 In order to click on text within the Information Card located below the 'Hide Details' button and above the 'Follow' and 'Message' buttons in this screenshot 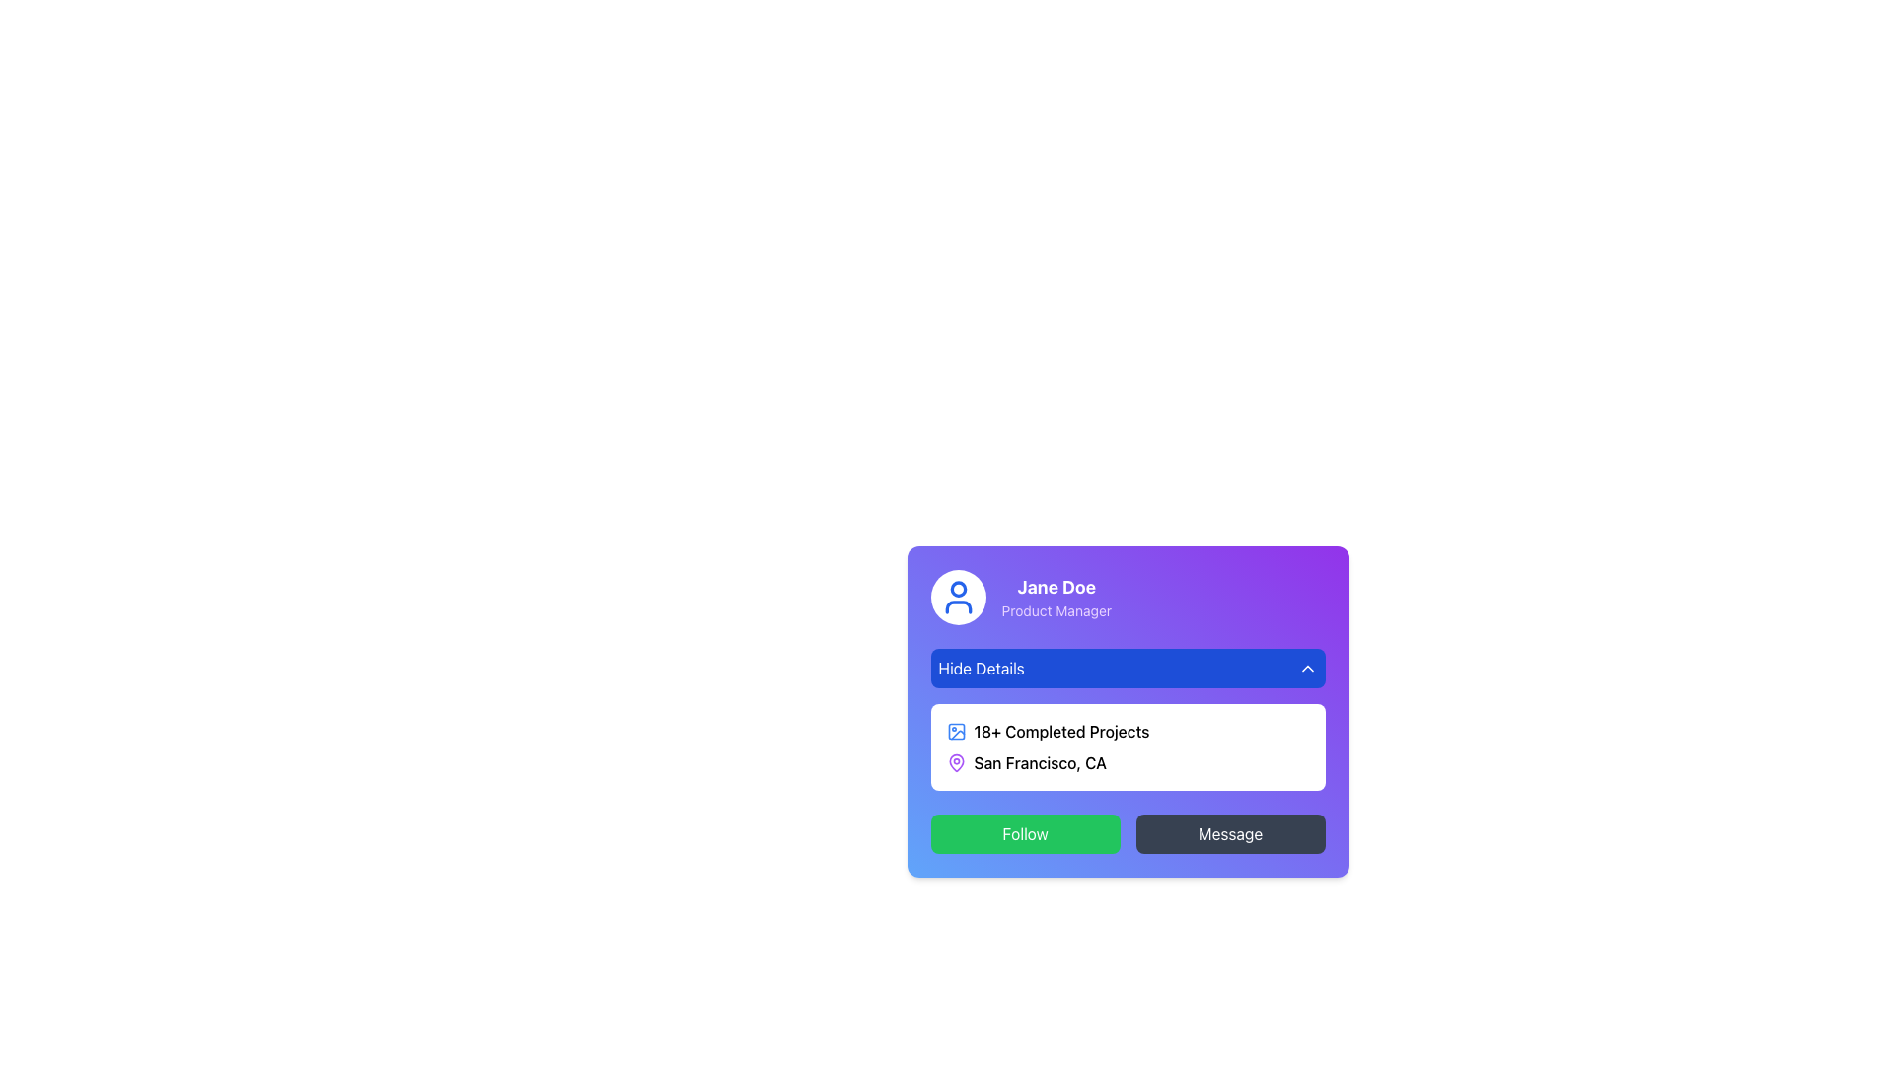, I will do `click(1128, 711)`.